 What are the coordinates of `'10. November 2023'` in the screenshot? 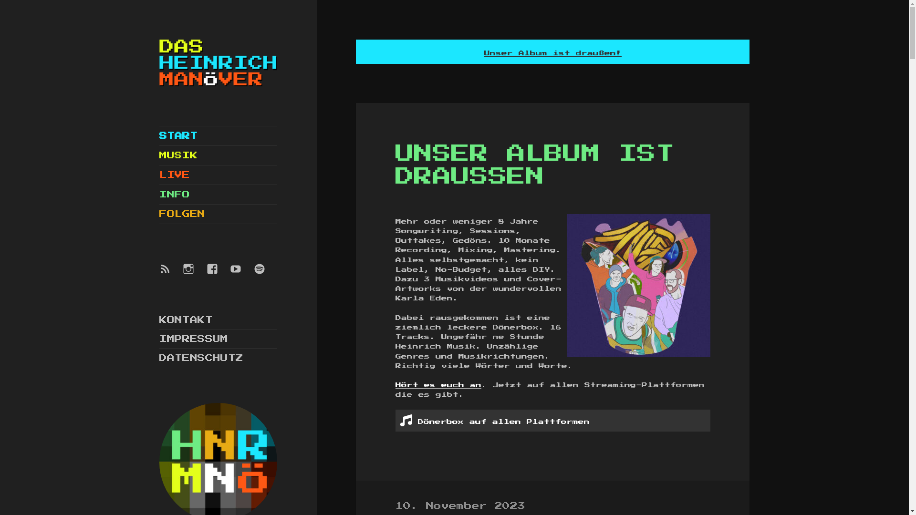 It's located at (460, 506).